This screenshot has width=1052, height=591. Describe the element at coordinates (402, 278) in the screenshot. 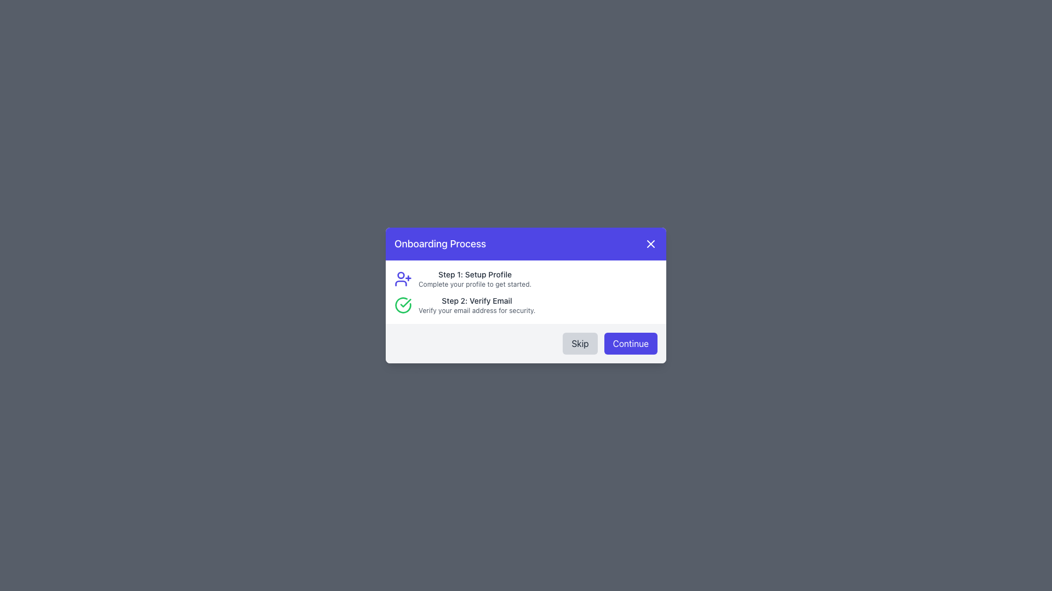

I see `the indigo user silhouette and plus symbol icon located to the left of the text 'Step 1: Setup Profile' within the 'Onboarding Process' card layout` at that location.